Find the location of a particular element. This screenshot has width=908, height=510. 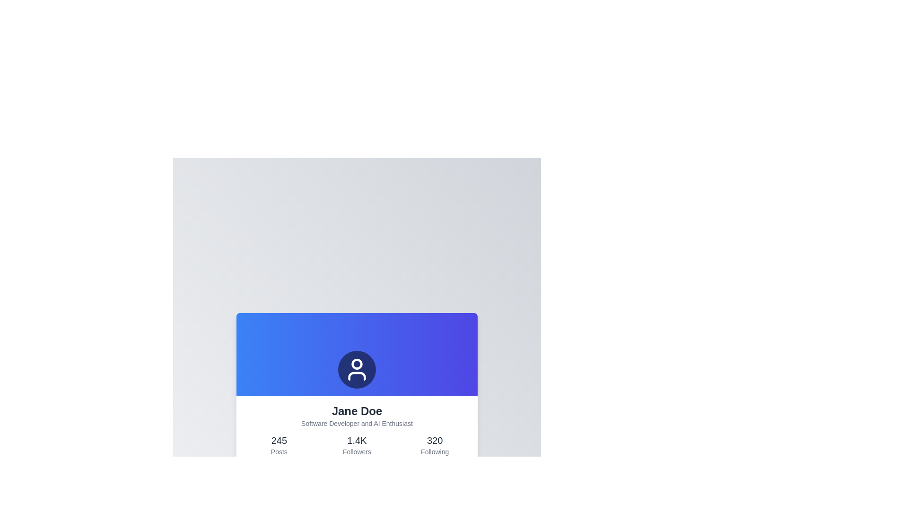

the '320 Following' textual information display element, which is the rightmost in a trio of elements and located at the bottom section of the interface is located at coordinates (434, 445).